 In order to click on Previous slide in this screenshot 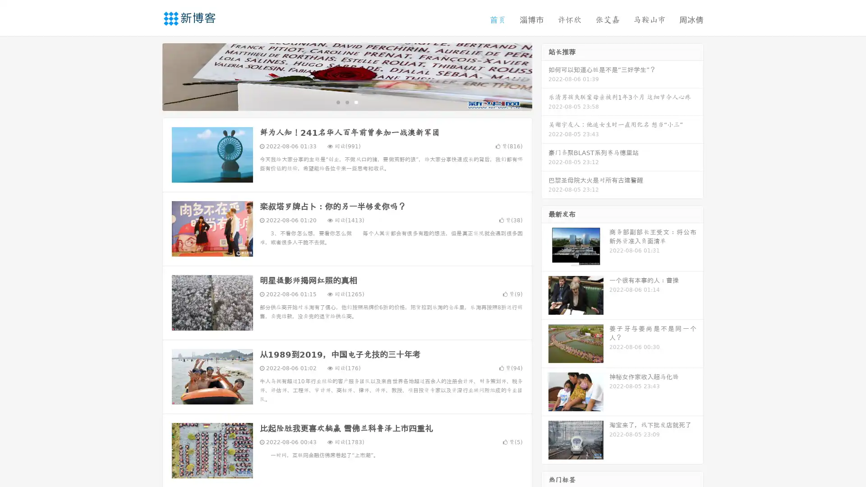, I will do `click(149, 76)`.